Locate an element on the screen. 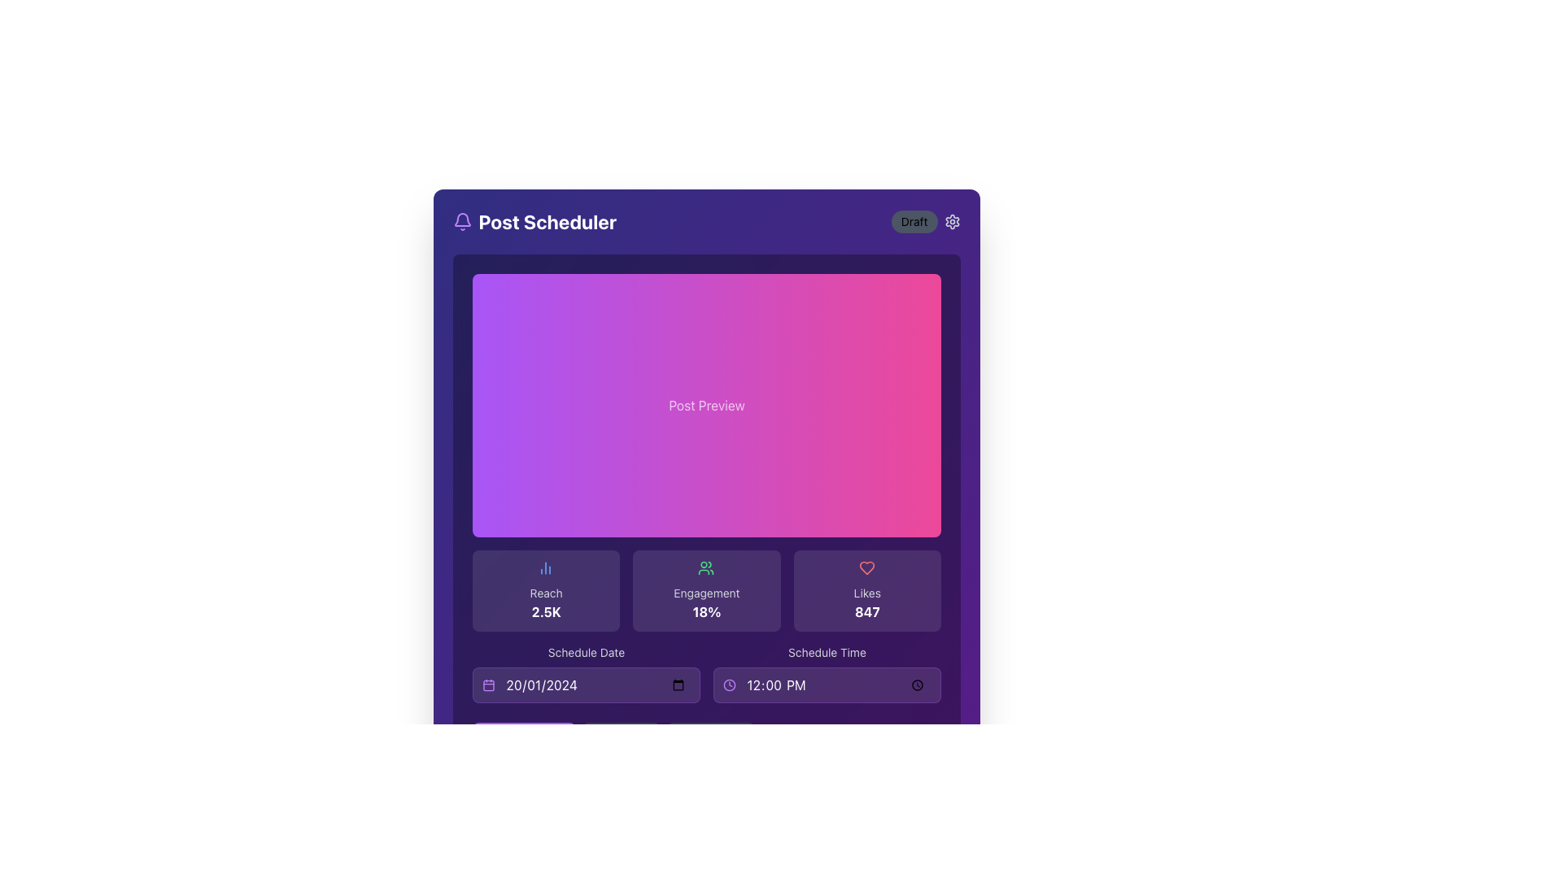  the label text that reads 'Schedule Time,' displayed in a small gray font on a purple background, located above the time selector input field in the form is located at coordinates (827, 651).